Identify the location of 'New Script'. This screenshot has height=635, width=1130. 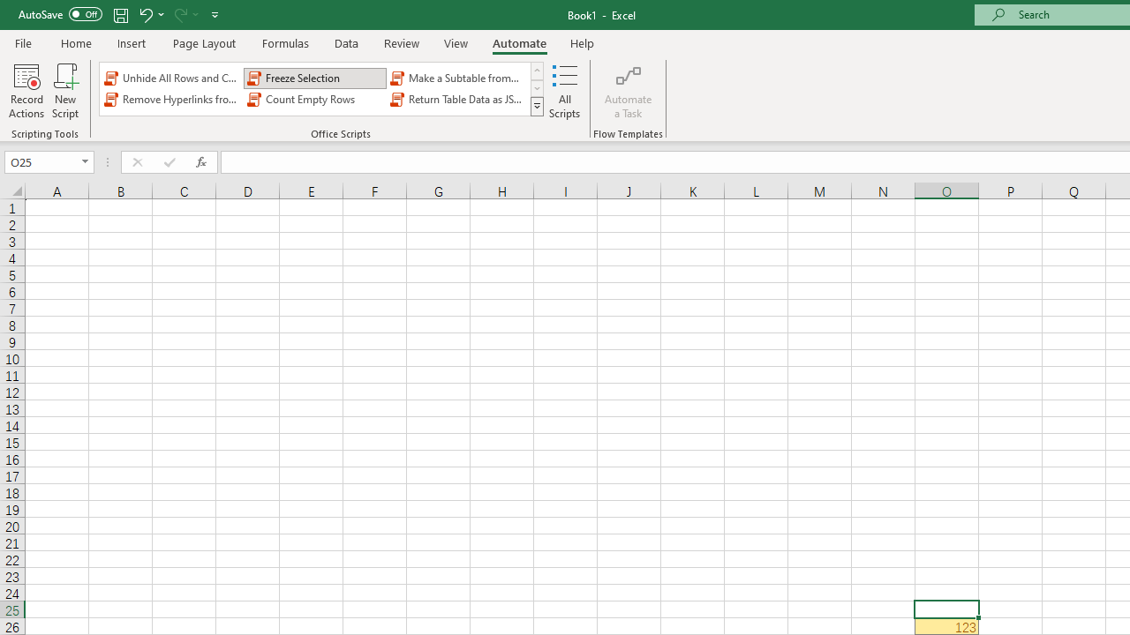
(64, 91).